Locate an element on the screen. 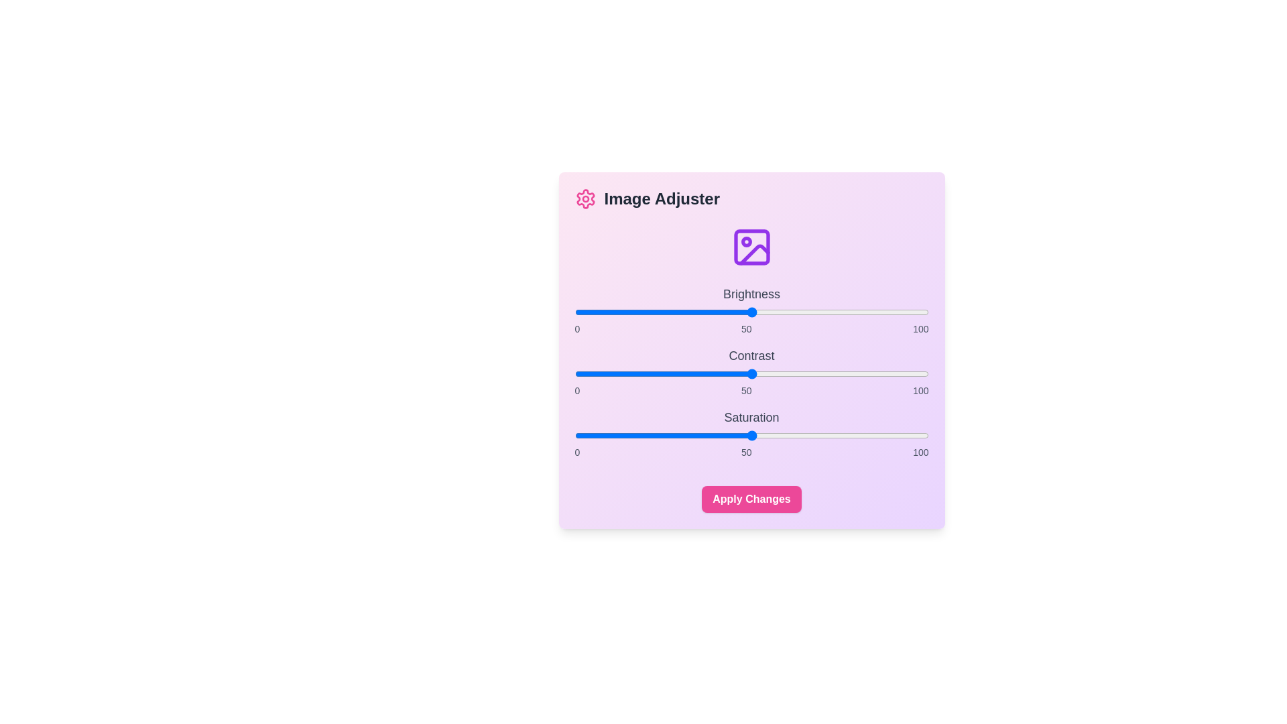  the contrast slider to 89 percent is located at coordinates (890, 374).